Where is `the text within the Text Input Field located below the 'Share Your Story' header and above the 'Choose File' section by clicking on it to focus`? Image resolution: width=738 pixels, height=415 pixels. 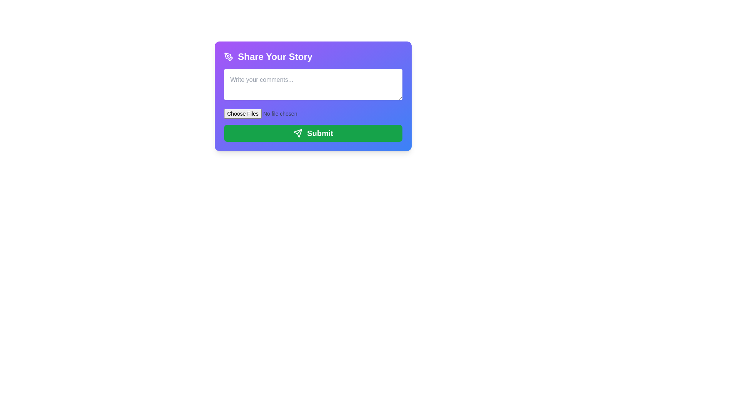
the text within the Text Input Field located below the 'Share Your Story' header and above the 'Choose File' section by clicking on it to focus is located at coordinates (313, 84).